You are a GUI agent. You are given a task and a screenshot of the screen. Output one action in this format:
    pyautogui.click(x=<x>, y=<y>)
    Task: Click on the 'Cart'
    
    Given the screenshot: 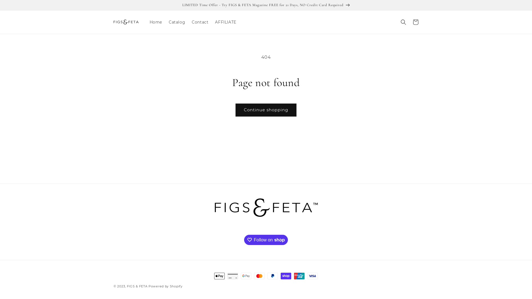 What is the action you would take?
    pyautogui.click(x=415, y=22)
    